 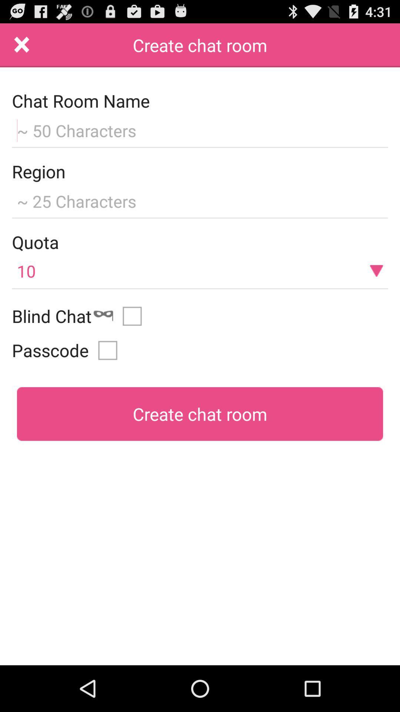 What do you see at coordinates (200, 200) in the screenshot?
I see `~25characters` at bounding box center [200, 200].